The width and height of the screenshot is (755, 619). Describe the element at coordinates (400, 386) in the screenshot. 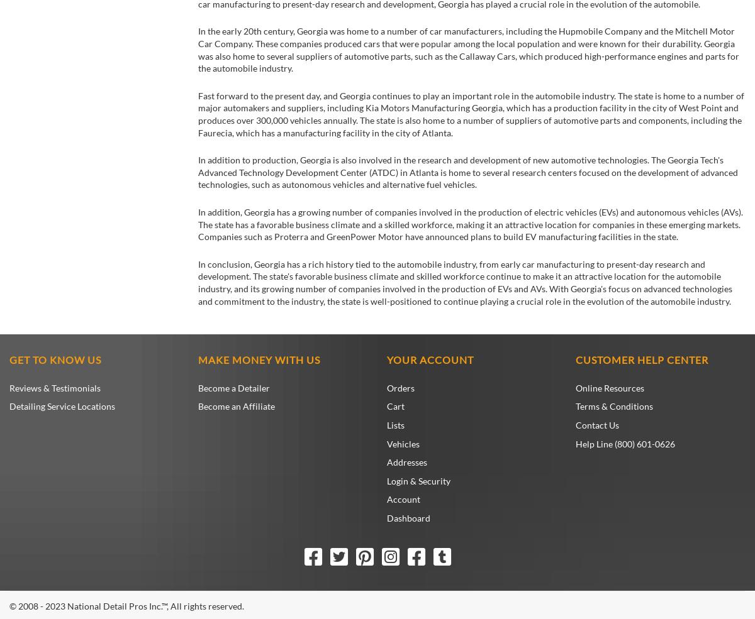

I see `'Orders'` at that location.